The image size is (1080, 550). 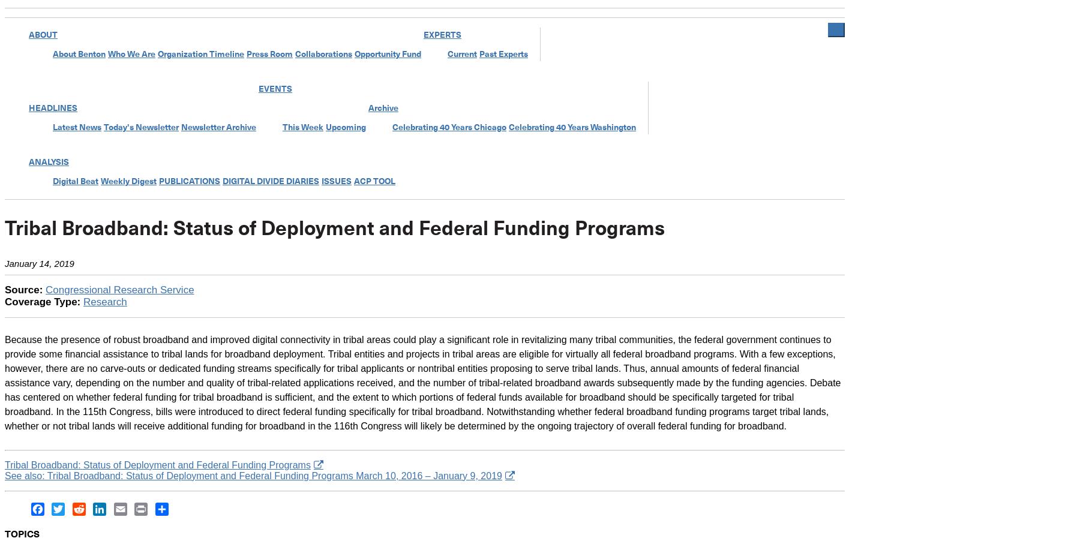 What do you see at coordinates (218, 127) in the screenshot?
I see `'Newsletter Archive'` at bounding box center [218, 127].